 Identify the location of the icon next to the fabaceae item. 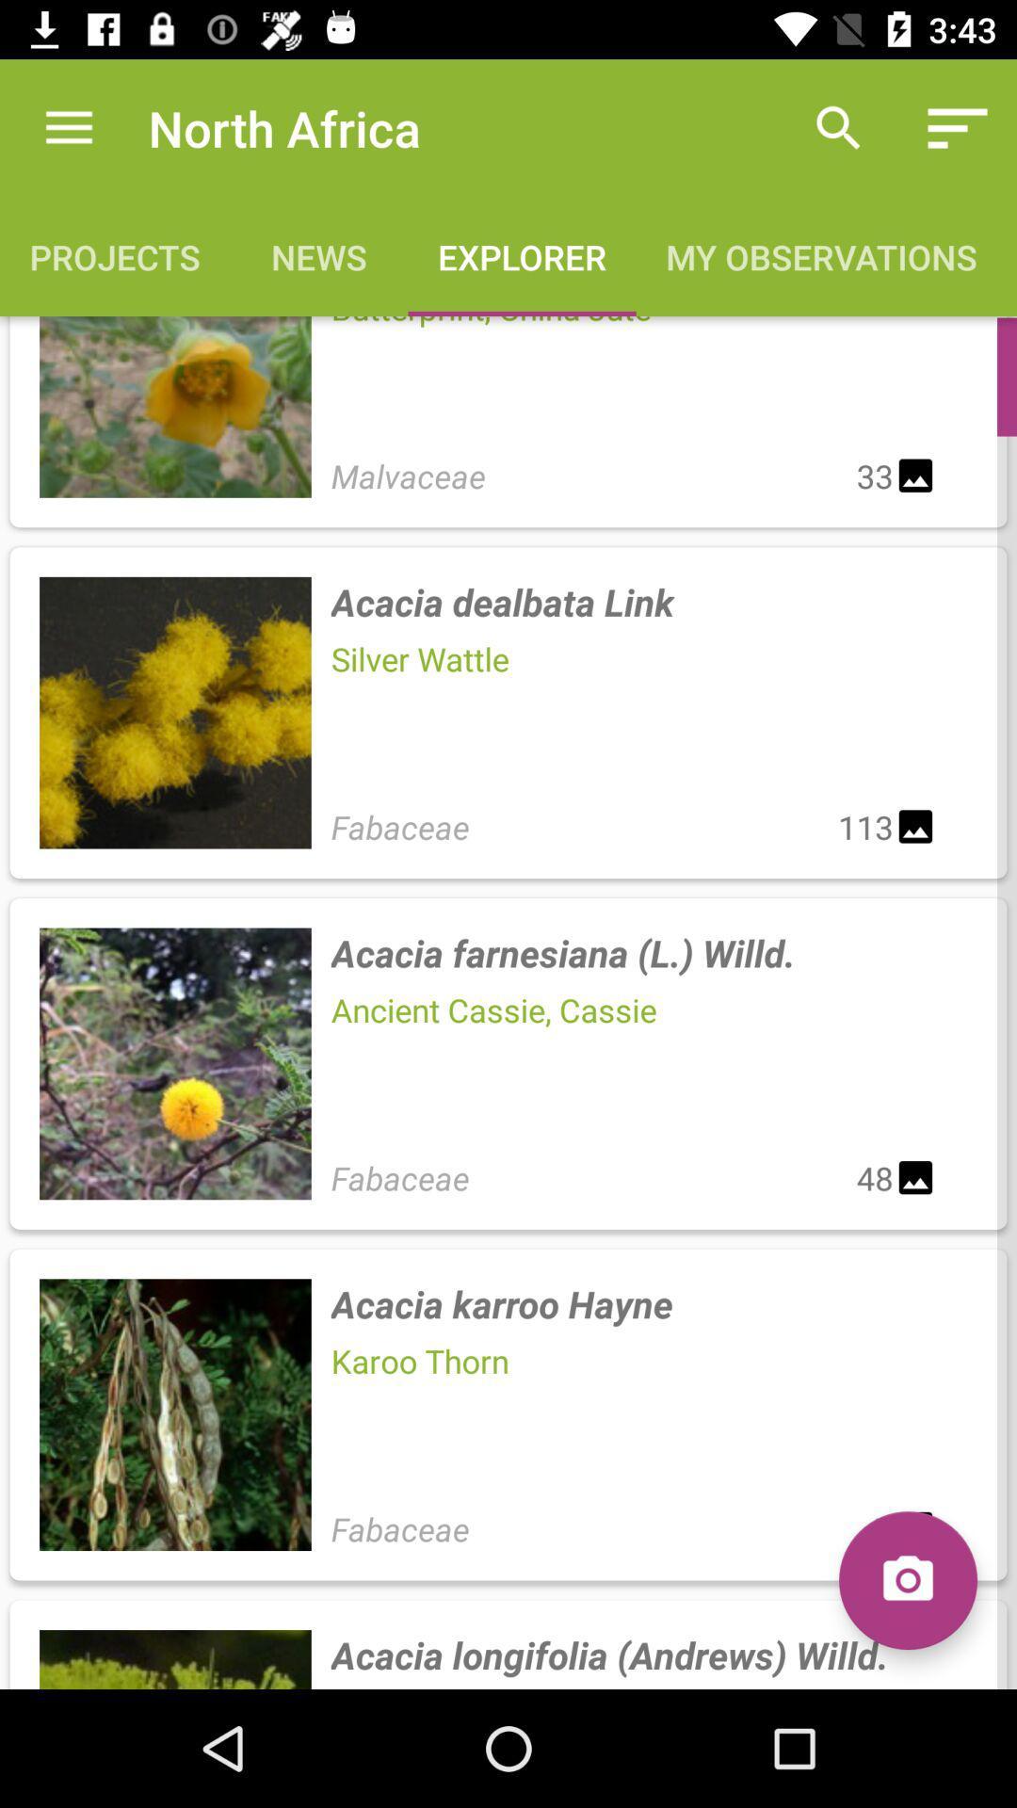
(907, 1580).